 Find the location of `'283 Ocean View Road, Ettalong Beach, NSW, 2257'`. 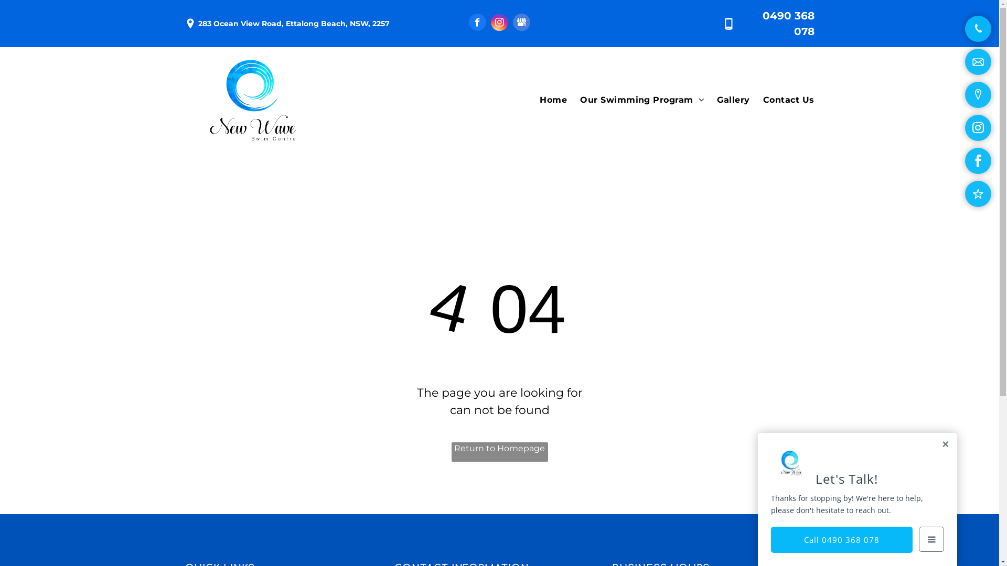

'283 Ocean View Road, Ettalong Beach, NSW, 2257' is located at coordinates (294, 24).